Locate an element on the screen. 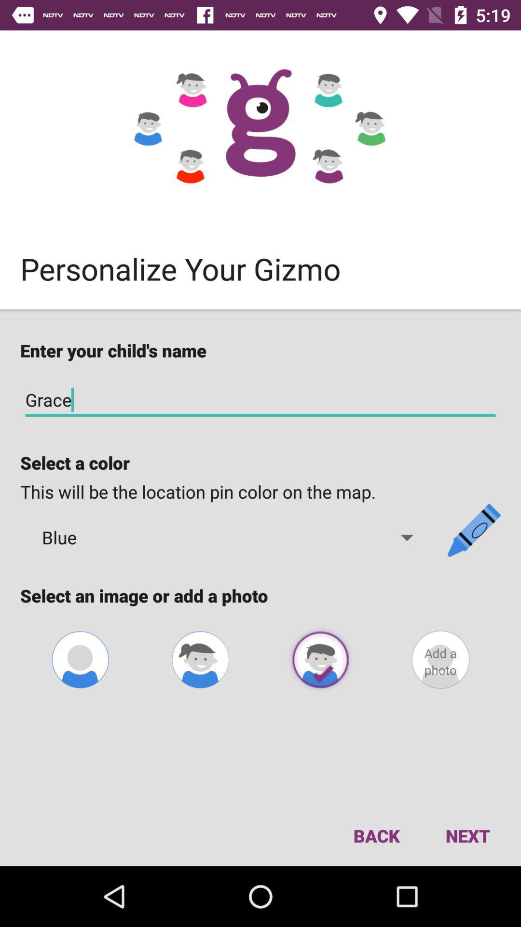 The width and height of the screenshot is (521, 927). image is located at coordinates (80, 659).